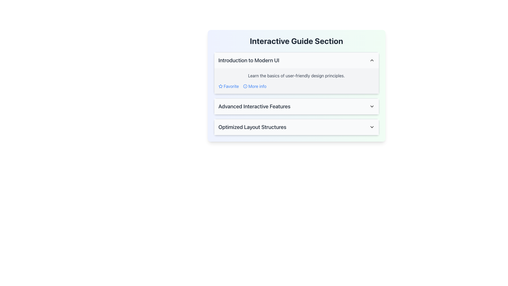 This screenshot has width=508, height=286. Describe the element at coordinates (255, 86) in the screenshot. I see `the second hyperlink with icon, located to the right of the 'Favorite' link` at that location.